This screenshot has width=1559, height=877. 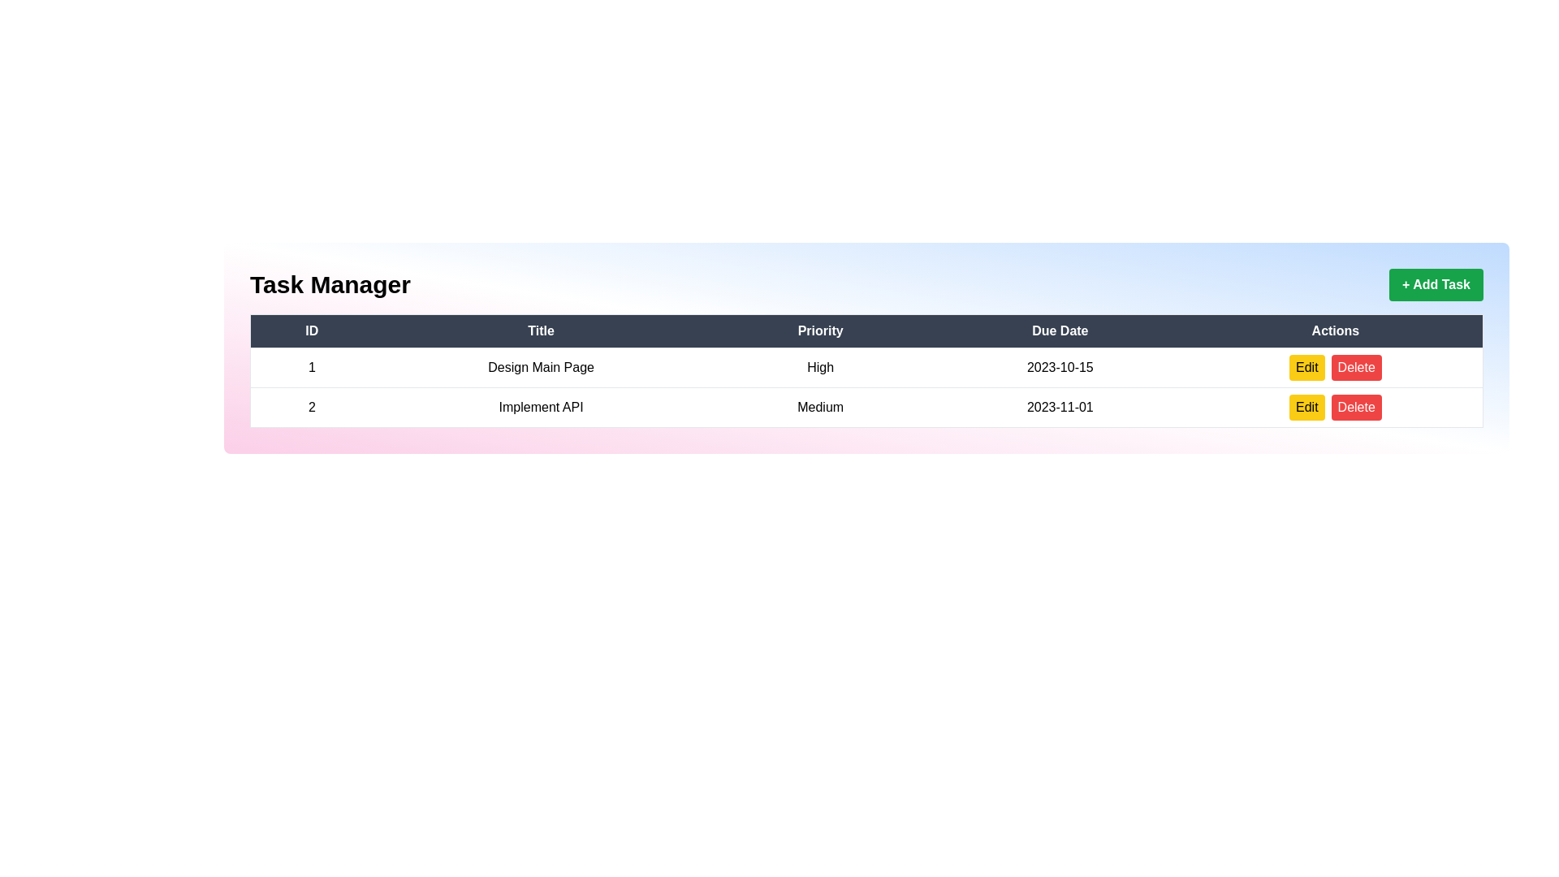 I want to click on the group of buttons labeled 'Edit' and 'Delete', so click(x=1336, y=367).